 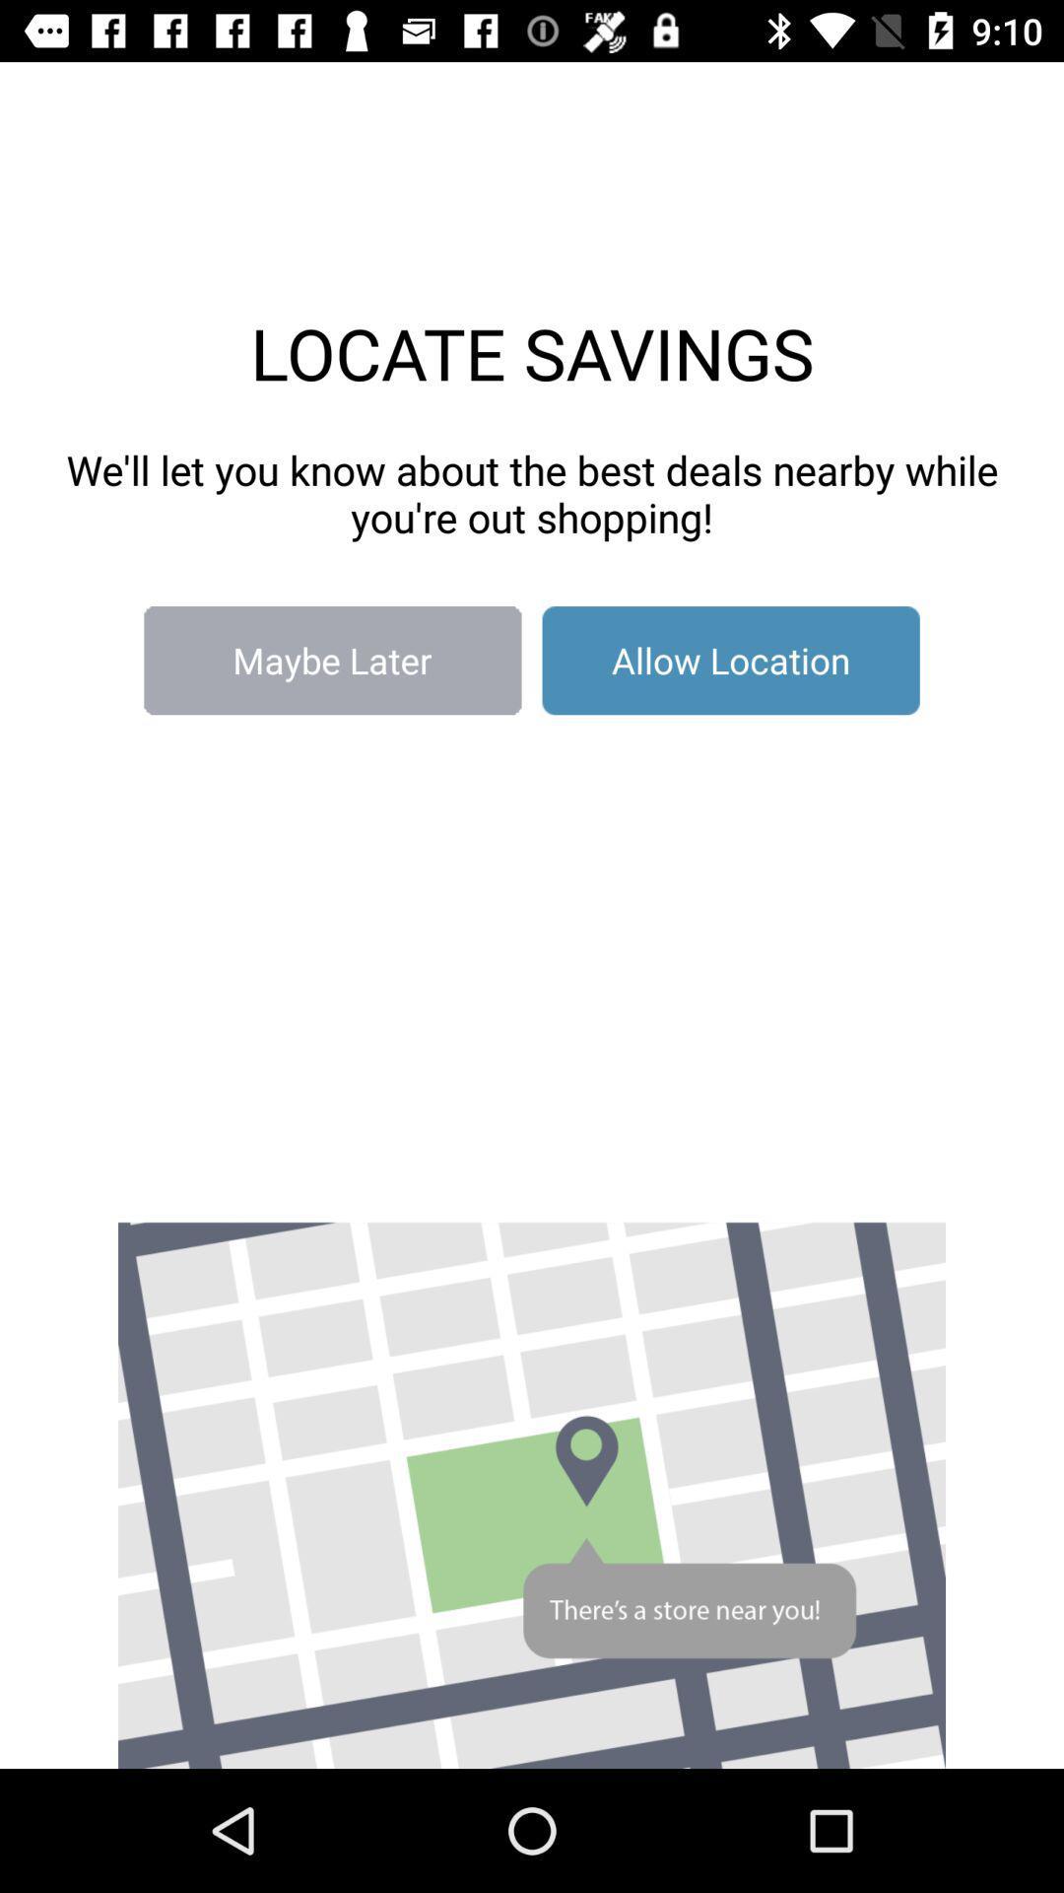 I want to click on the allow location on the right, so click(x=731, y=661).